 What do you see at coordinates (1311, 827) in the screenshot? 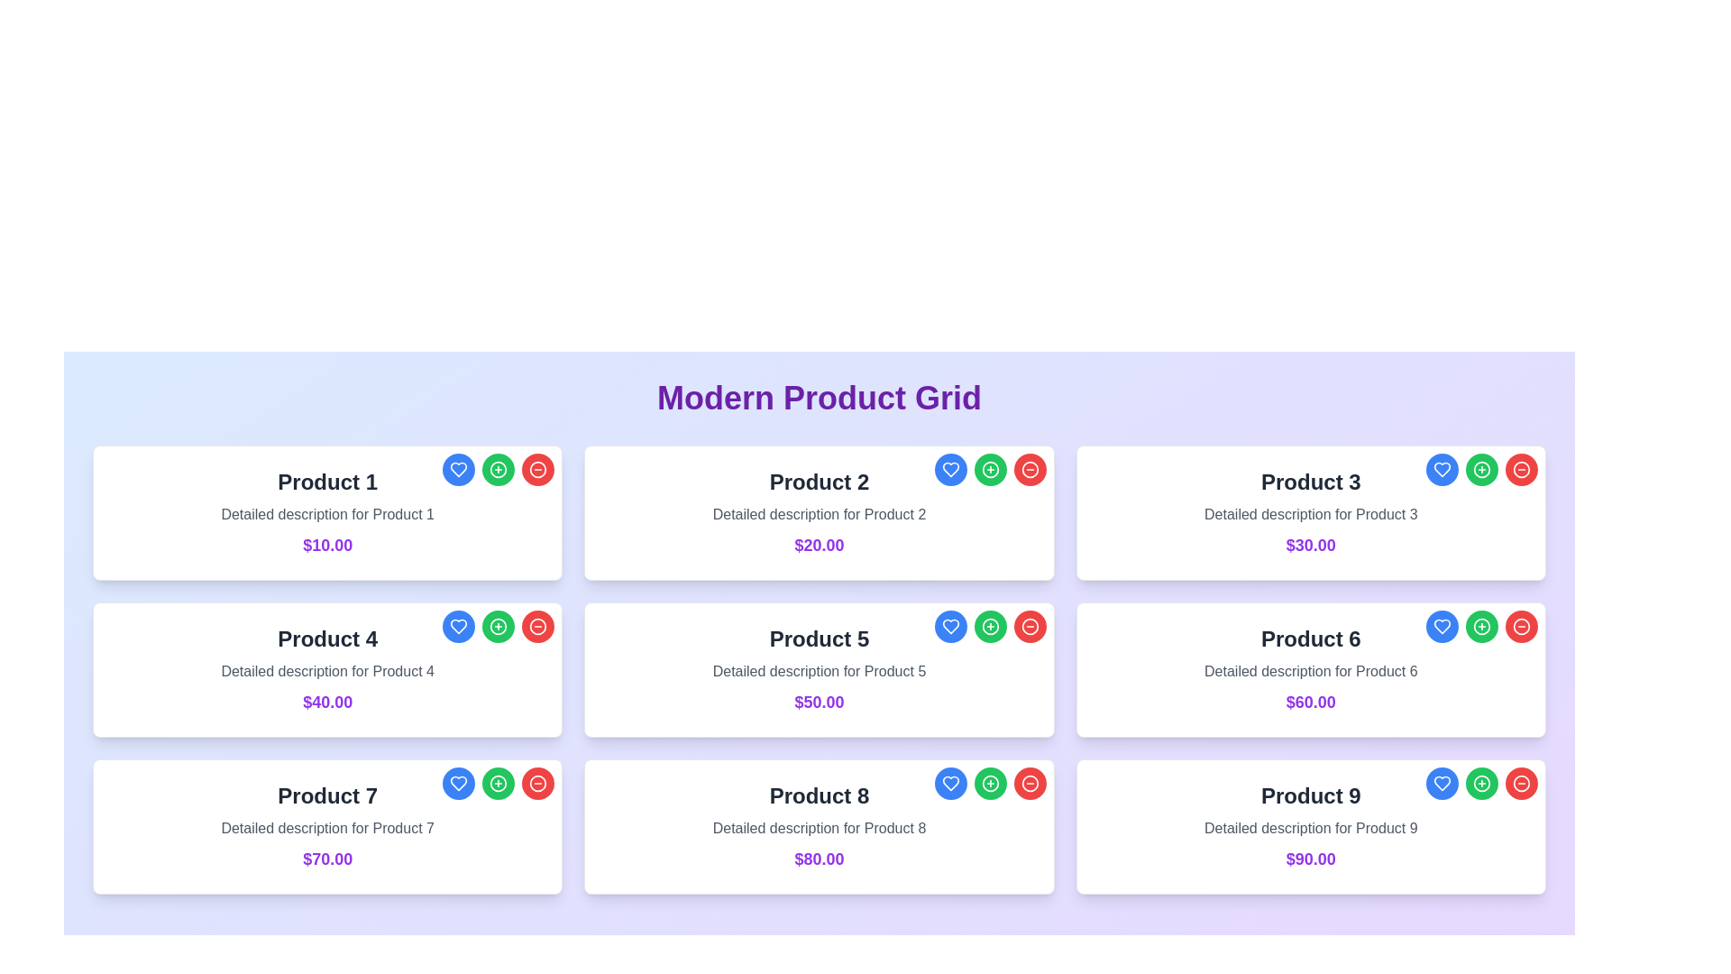
I see `the product information card featuring 'Product 9' located at the bottom-right corner of the grid` at bounding box center [1311, 827].